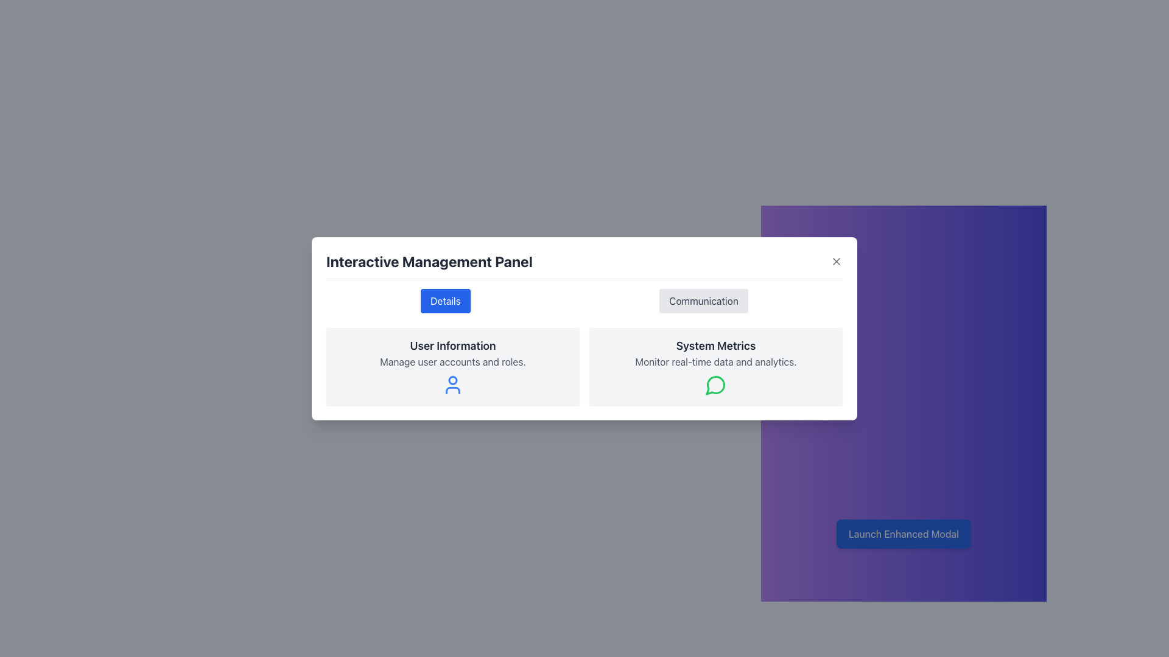  Describe the element at coordinates (452, 384) in the screenshot. I see `the user icon located underneath the 'User Information' text in the left section of the 'Interactive Management Panel'` at that location.